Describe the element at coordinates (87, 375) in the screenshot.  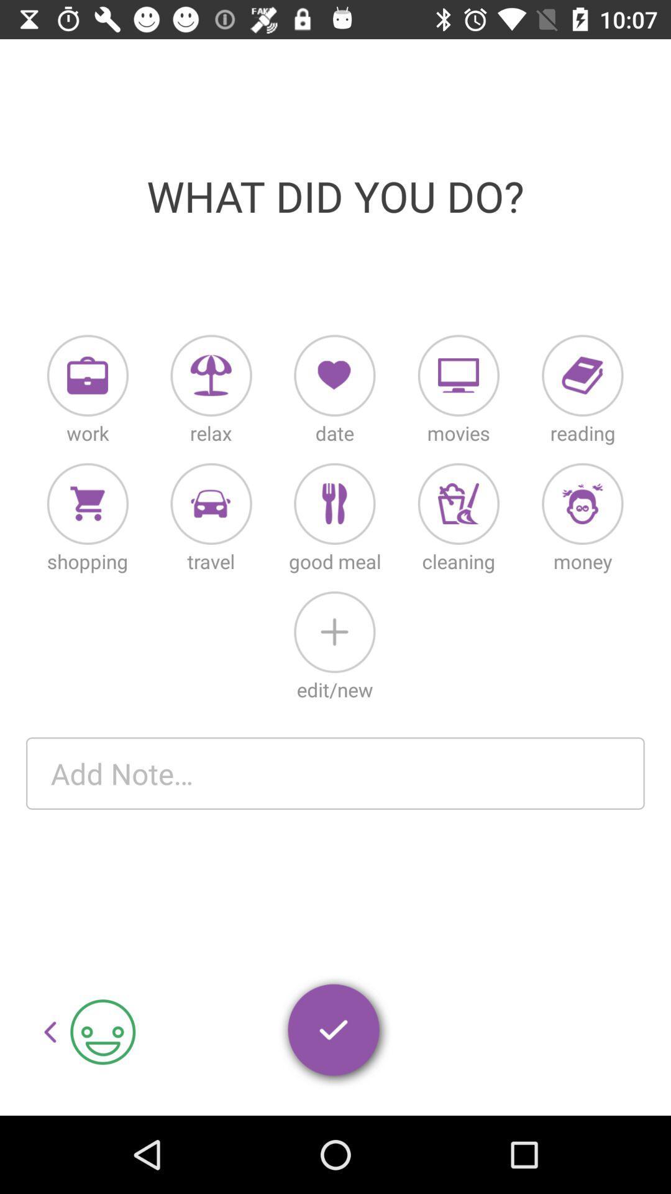
I see `work` at that location.